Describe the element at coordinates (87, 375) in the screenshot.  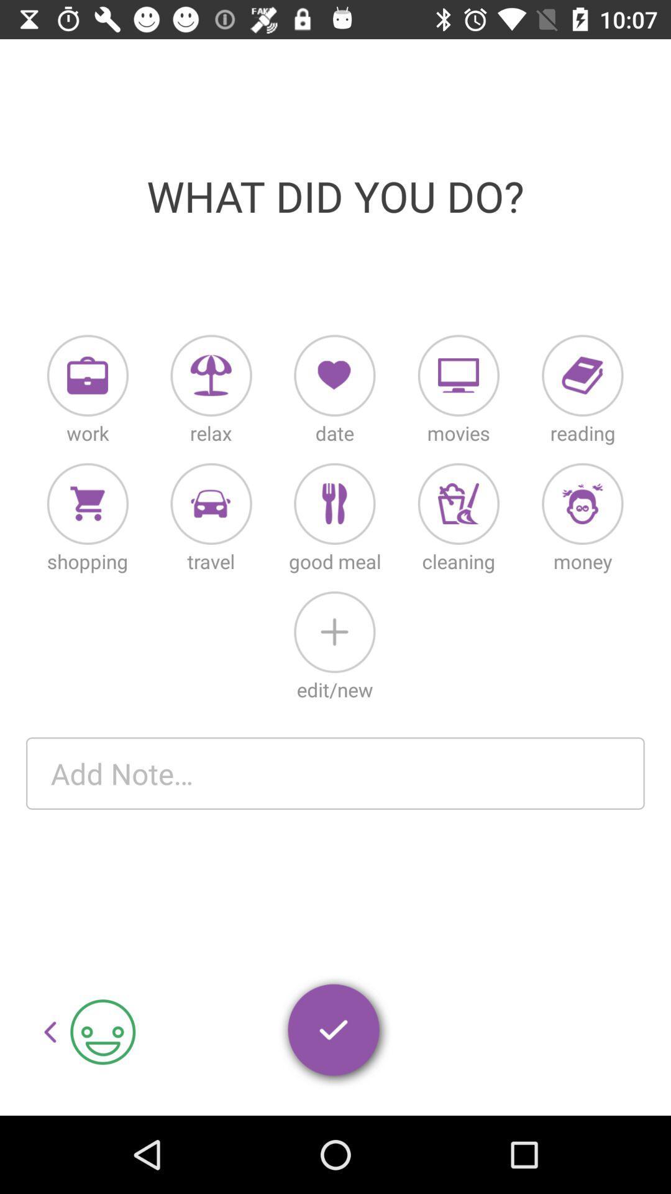
I see `work` at that location.